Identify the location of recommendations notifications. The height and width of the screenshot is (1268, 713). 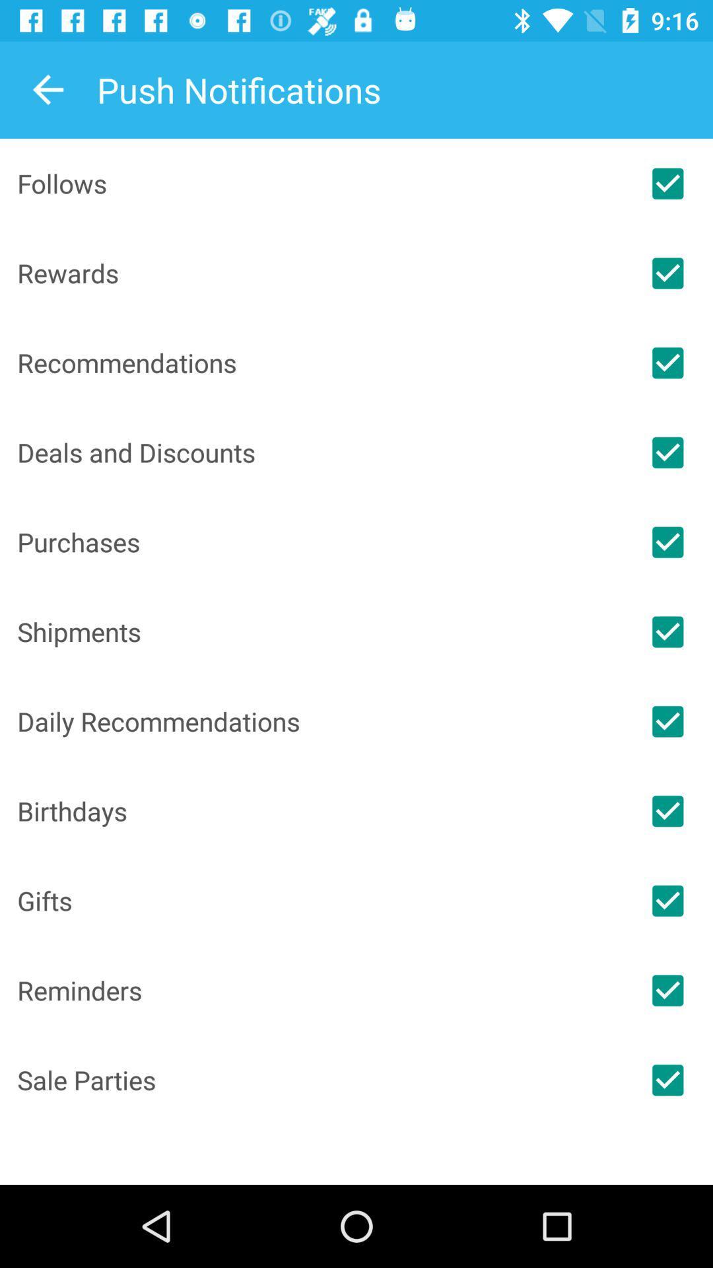
(667, 363).